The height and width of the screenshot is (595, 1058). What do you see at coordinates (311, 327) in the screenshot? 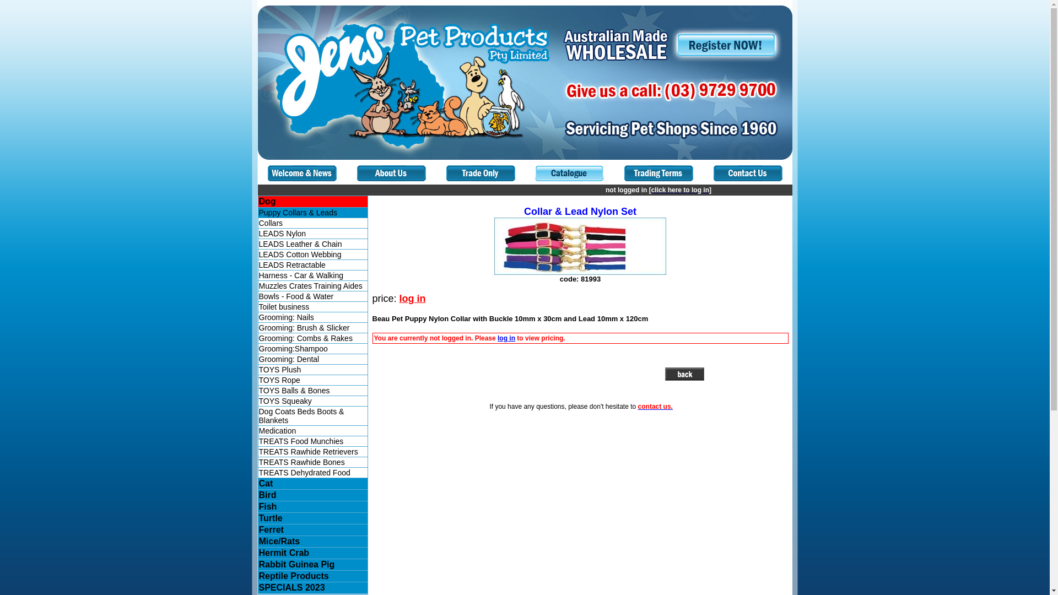
I see `'Grooming: Brush & Slicker'` at bounding box center [311, 327].